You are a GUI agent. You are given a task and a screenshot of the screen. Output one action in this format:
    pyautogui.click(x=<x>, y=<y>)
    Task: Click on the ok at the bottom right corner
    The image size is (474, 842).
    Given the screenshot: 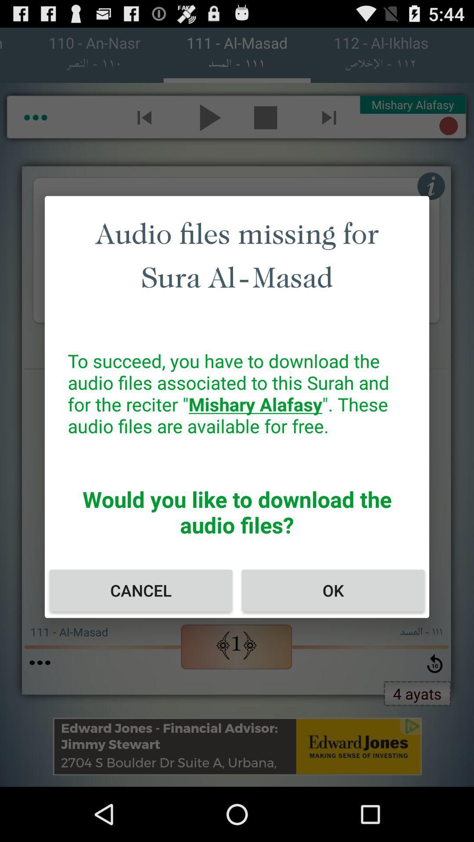 What is the action you would take?
    pyautogui.click(x=333, y=590)
    